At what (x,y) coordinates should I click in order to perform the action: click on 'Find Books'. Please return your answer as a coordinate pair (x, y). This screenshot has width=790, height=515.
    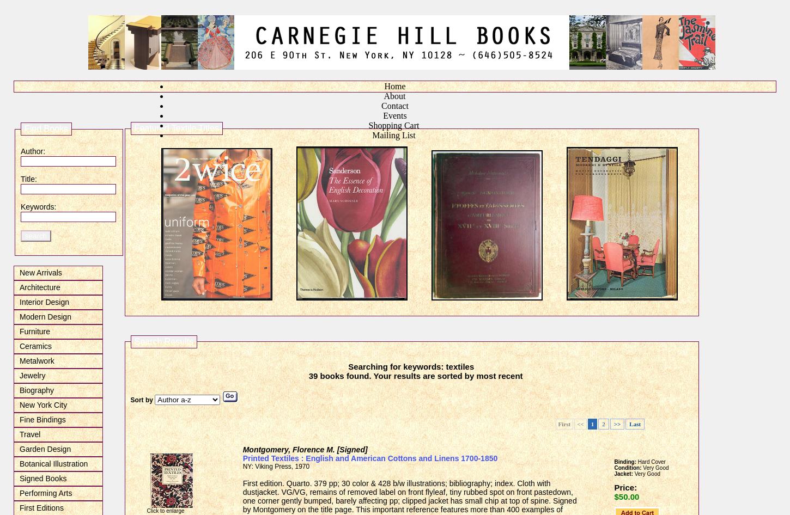
    Looking at the image, I should click on (24, 128).